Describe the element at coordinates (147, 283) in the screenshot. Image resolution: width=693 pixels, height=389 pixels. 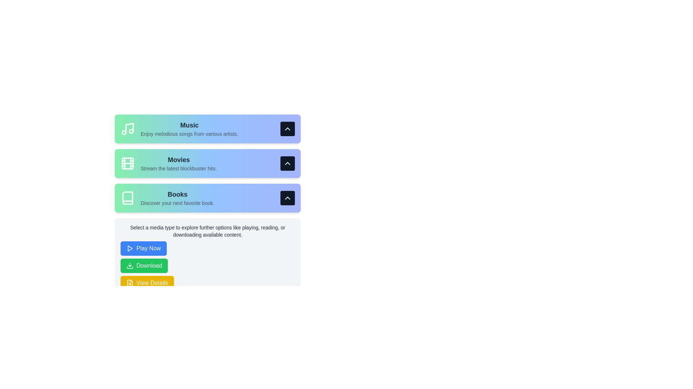
I see `the third button in the vertically stacked group below the 'Play Now' (blue) and 'Download' (green) buttons` at that location.